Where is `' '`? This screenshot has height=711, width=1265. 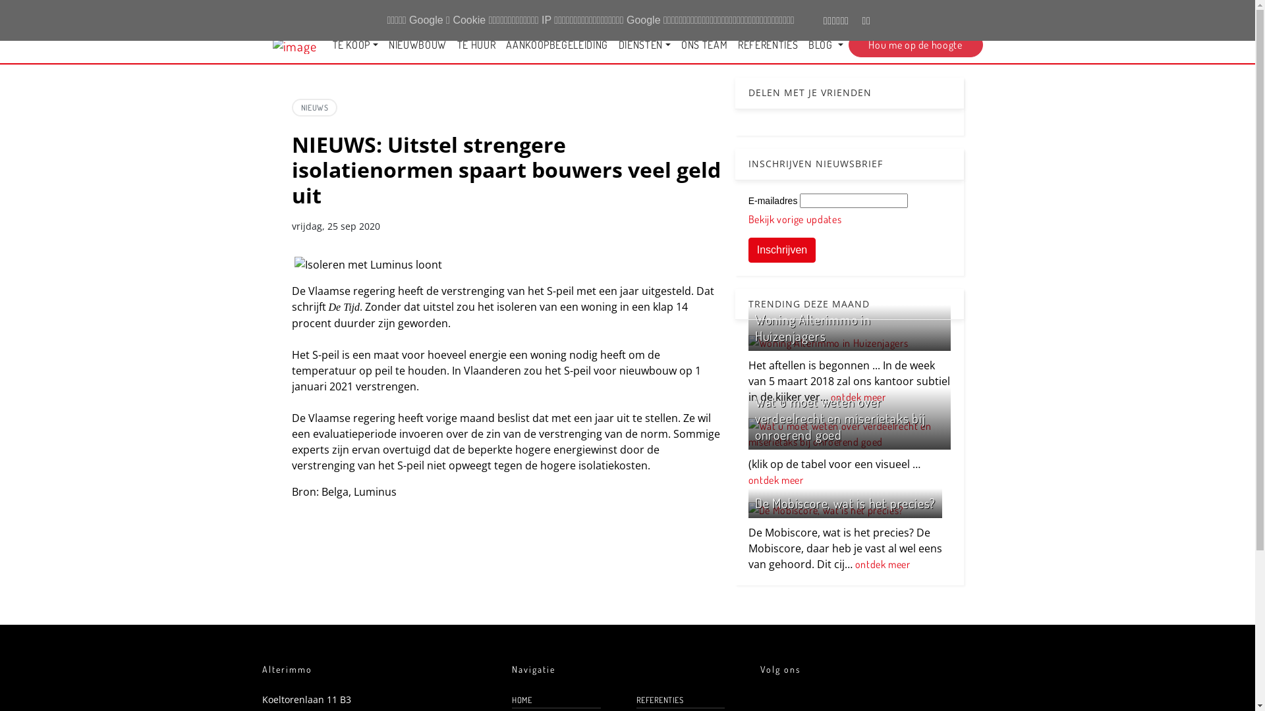
' ' is located at coordinates (967, 13).